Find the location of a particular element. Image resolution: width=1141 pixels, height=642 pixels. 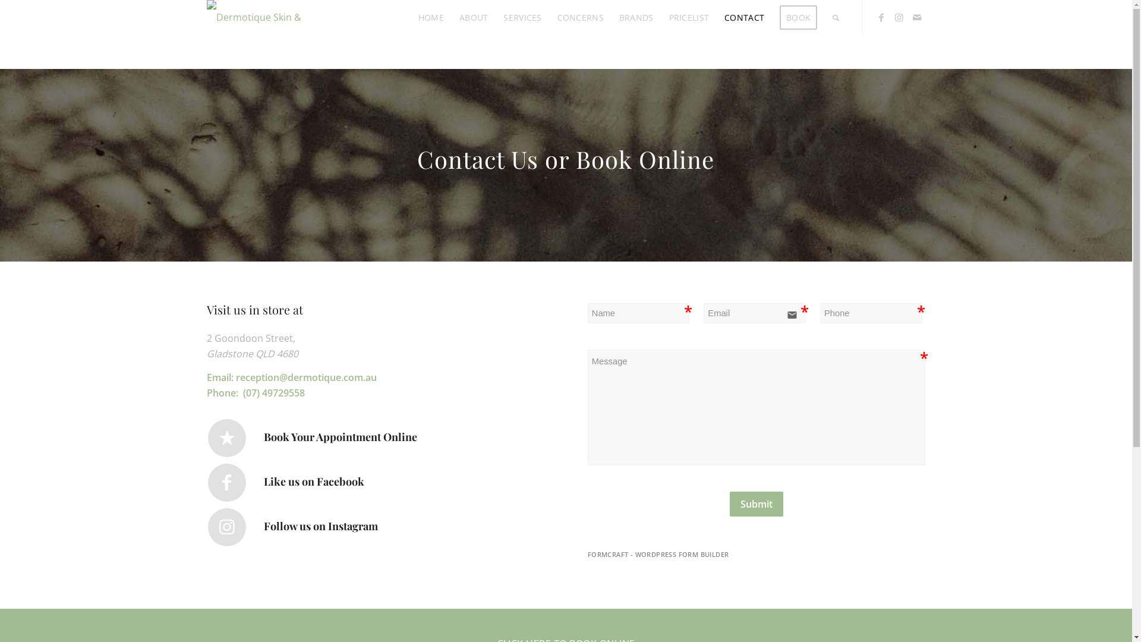

'FORMCRAFT - WORDPRESS FORM BUILDER' is located at coordinates (587, 555).